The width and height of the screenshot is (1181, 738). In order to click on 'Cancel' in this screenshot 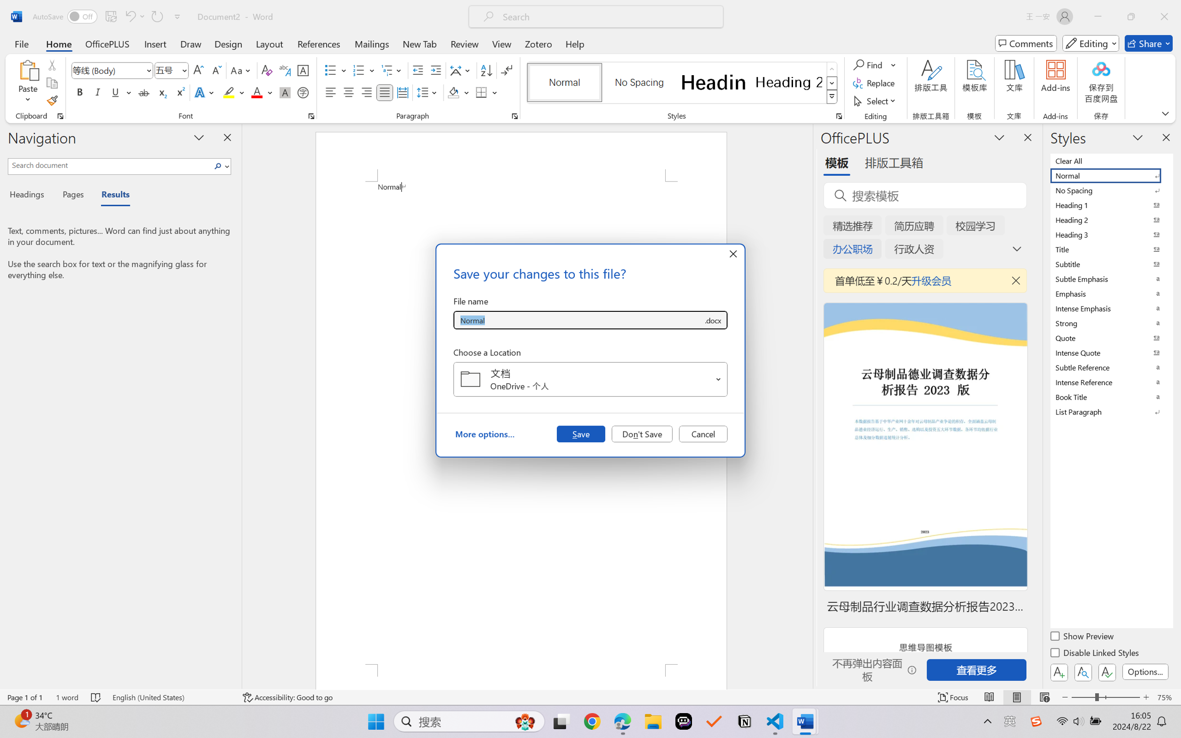, I will do `click(703, 433)`.